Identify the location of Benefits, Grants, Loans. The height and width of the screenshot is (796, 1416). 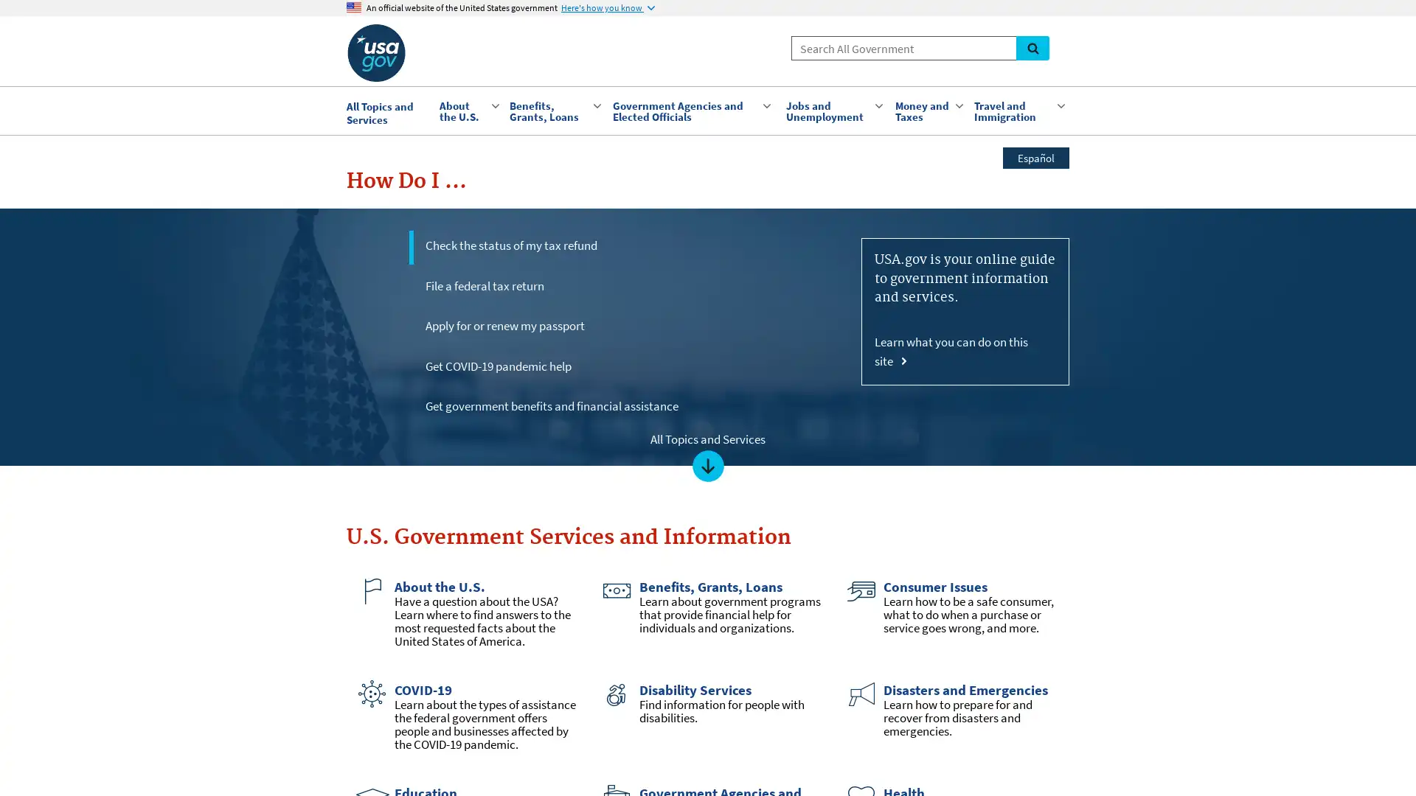
(552, 110).